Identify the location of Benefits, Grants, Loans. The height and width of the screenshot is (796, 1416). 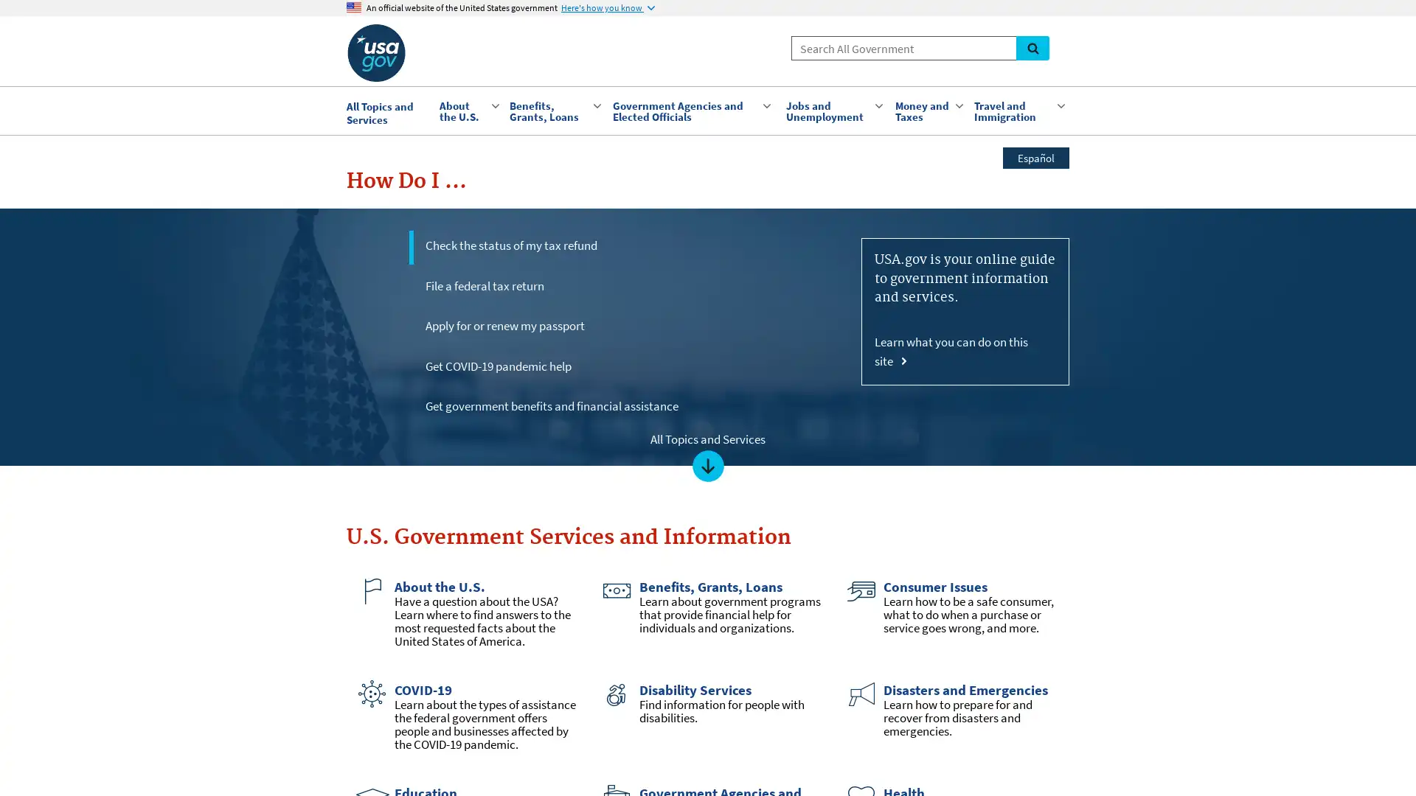
(552, 110).